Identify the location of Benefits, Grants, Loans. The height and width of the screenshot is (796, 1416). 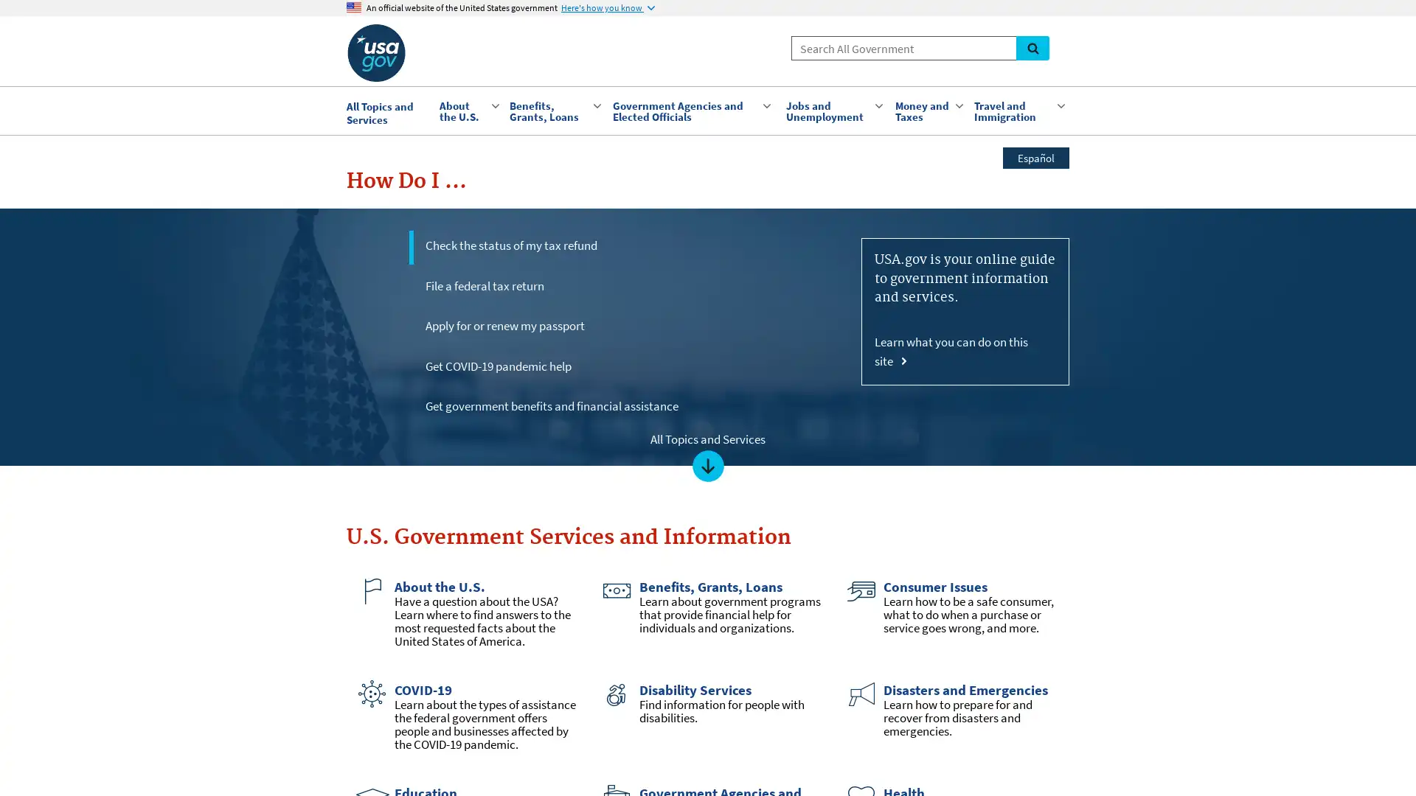
(552, 110).